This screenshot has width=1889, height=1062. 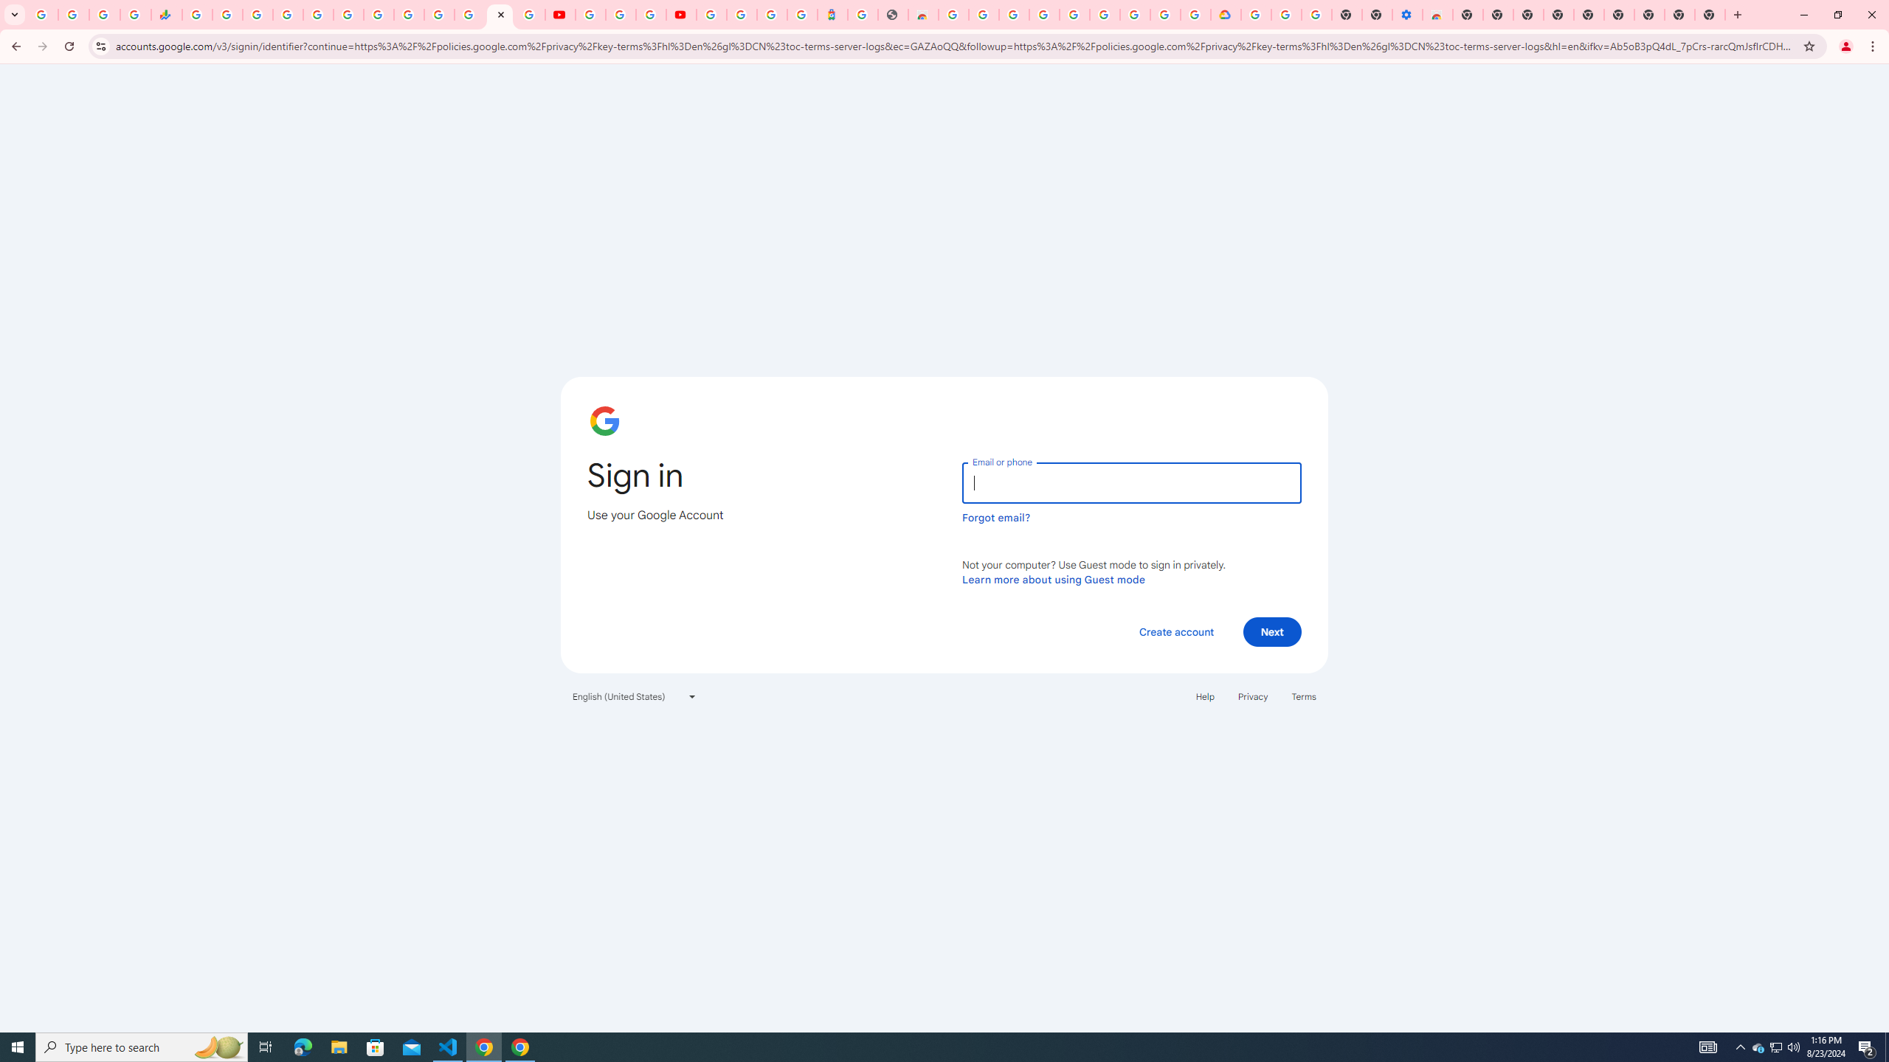 What do you see at coordinates (1204, 695) in the screenshot?
I see `'Help'` at bounding box center [1204, 695].